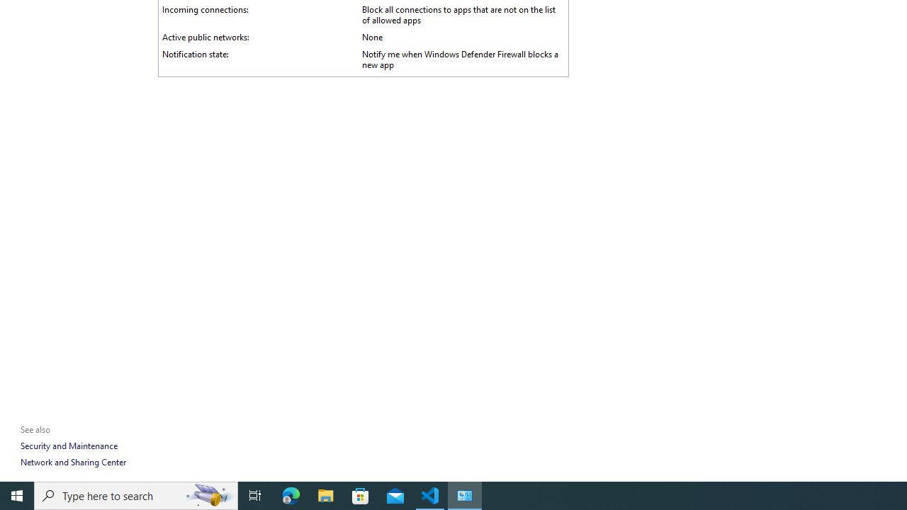 The image size is (907, 510). Describe the element at coordinates (291, 494) in the screenshot. I see `'Microsoft Edge'` at that location.